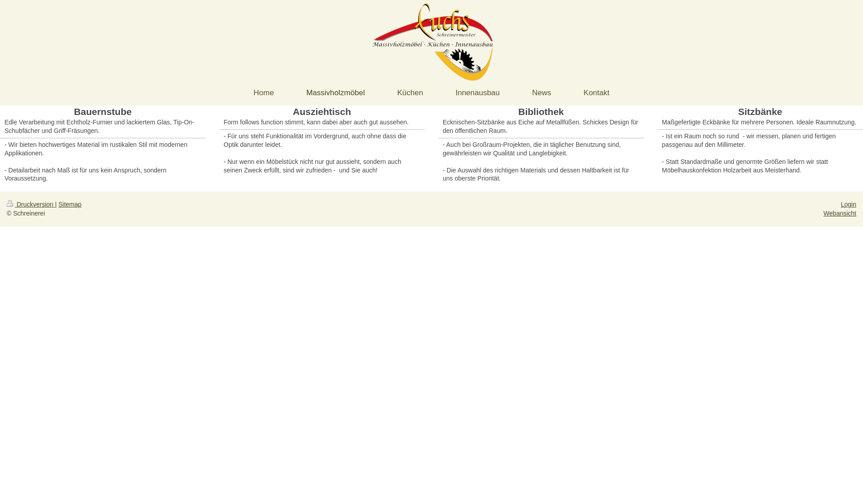 This screenshot has width=863, height=485. I want to click on 'Login', so click(848, 204).